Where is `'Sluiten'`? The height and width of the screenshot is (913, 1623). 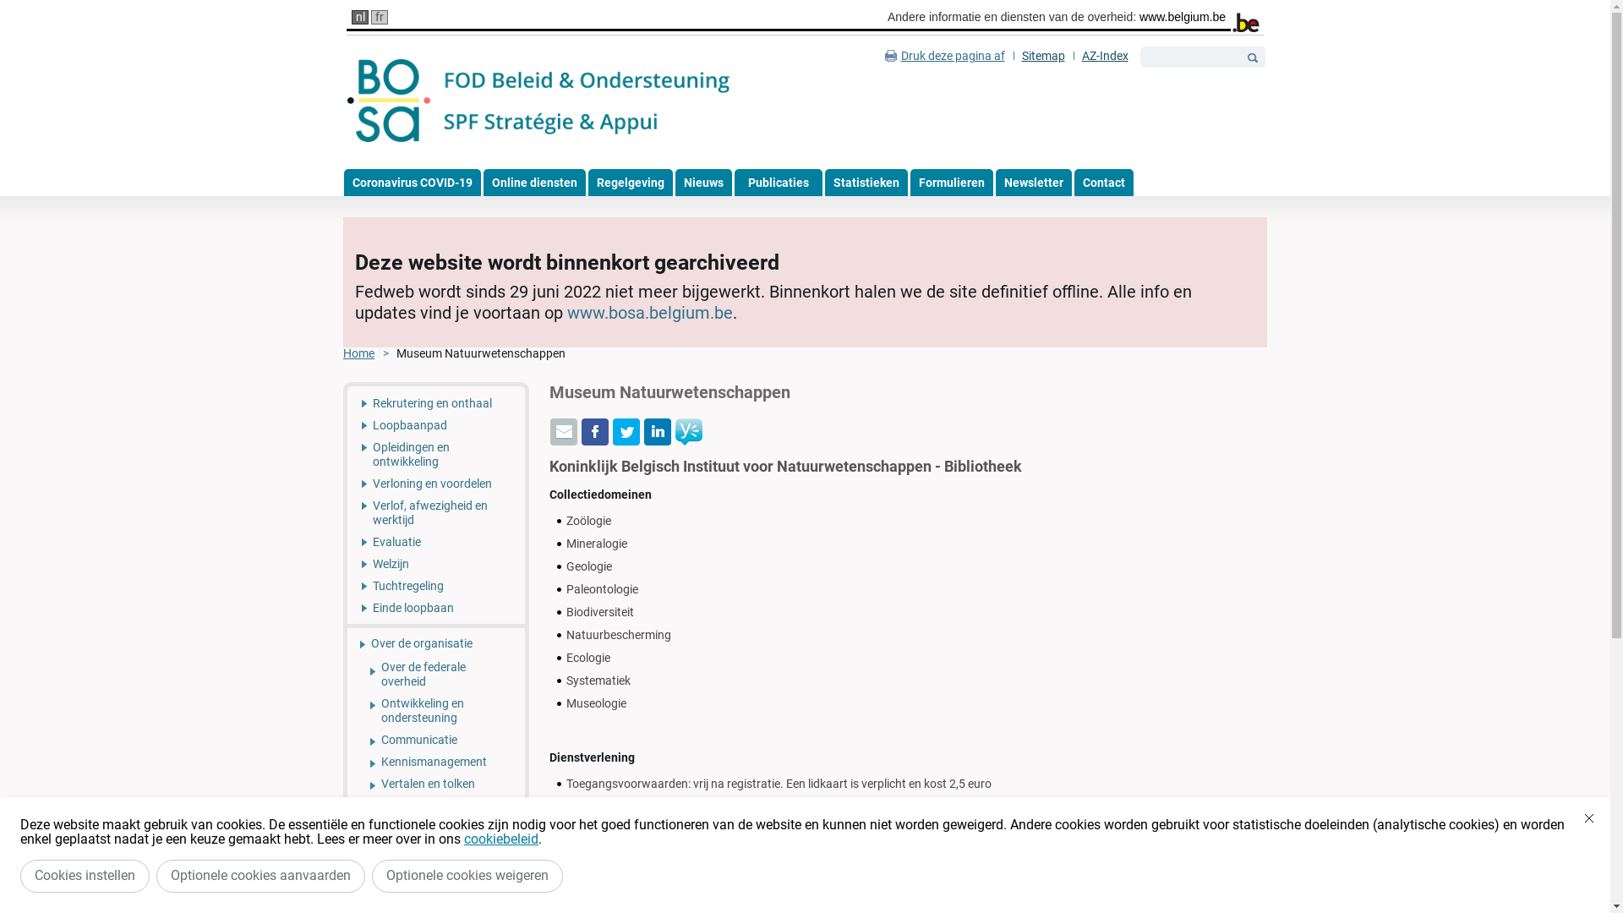 'Sluiten' is located at coordinates (1588, 817).